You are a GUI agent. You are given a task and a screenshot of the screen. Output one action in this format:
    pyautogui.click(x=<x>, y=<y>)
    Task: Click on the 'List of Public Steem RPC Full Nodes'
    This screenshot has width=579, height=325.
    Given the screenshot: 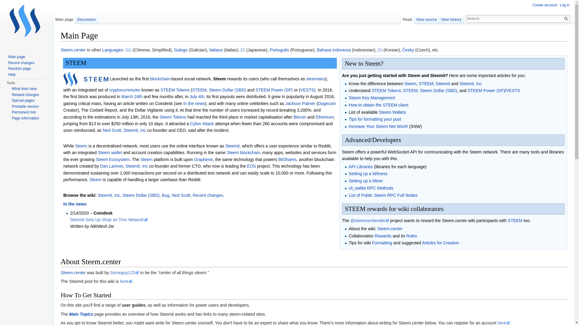 What is the action you would take?
    pyautogui.click(x=383, y=195)
    